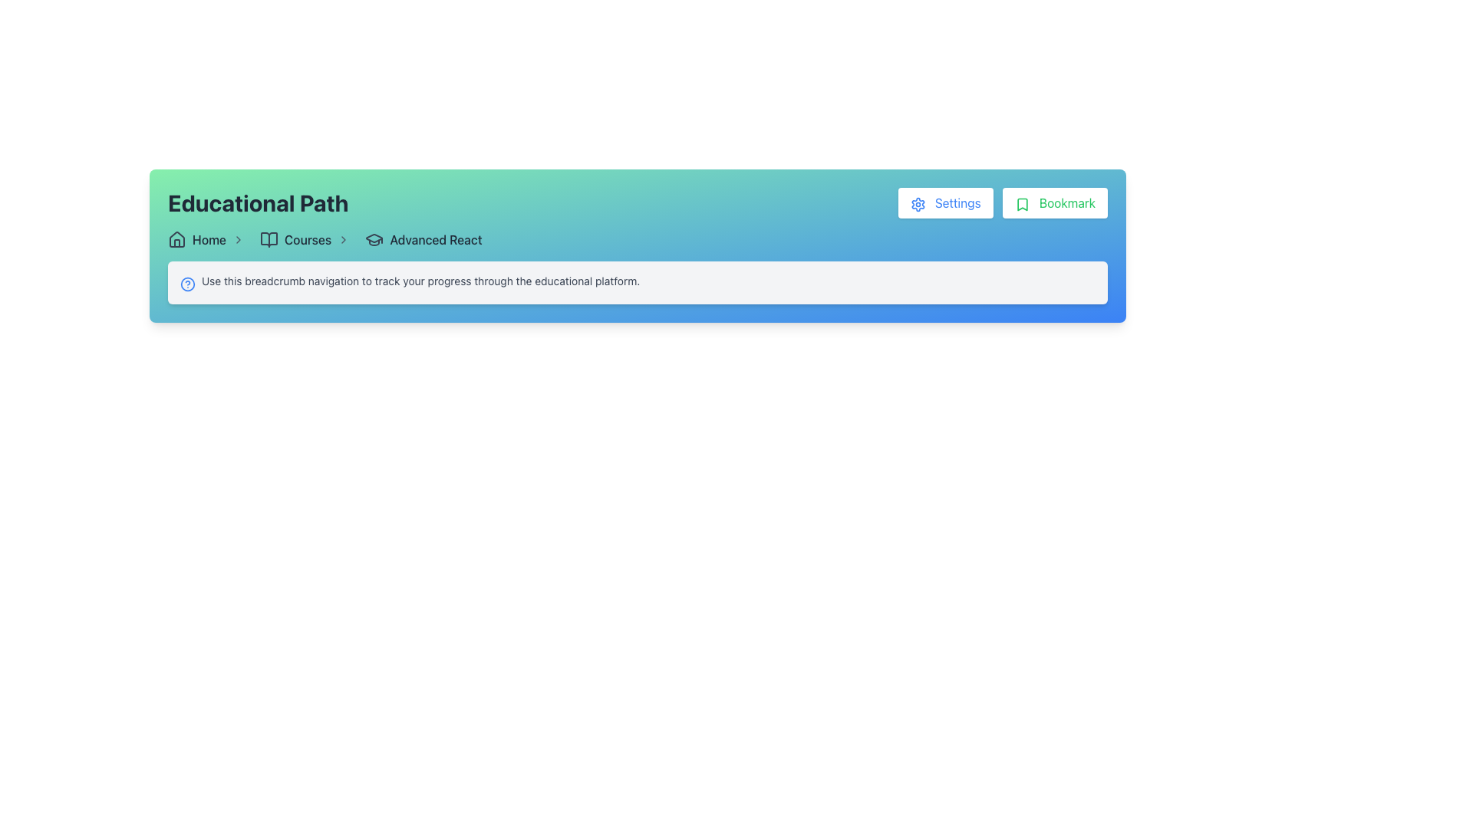 Image resolution: width=1473 pixels, height=828 pixels. I want to click on the decorative 'Settings' icon located immediately to the left of the 'Settings' text in the top-right section of the interface, so click(918, 203).